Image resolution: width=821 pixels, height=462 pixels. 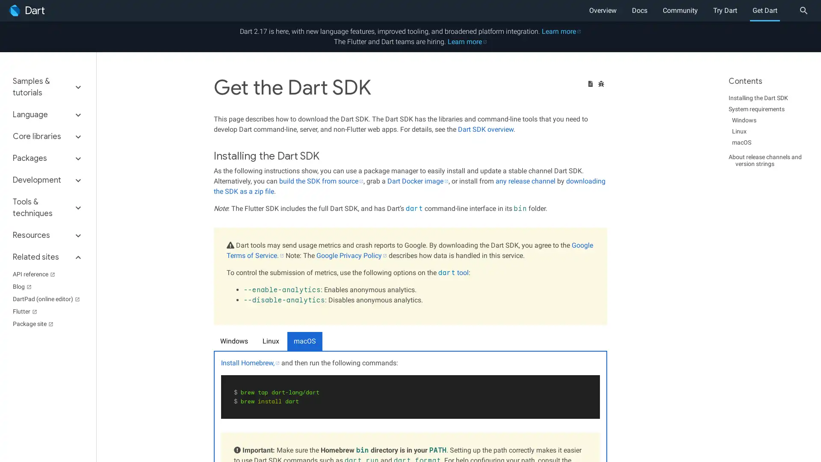 I want to click on Core libraries keyboard_arrow_down, so click(x=47, y=136).